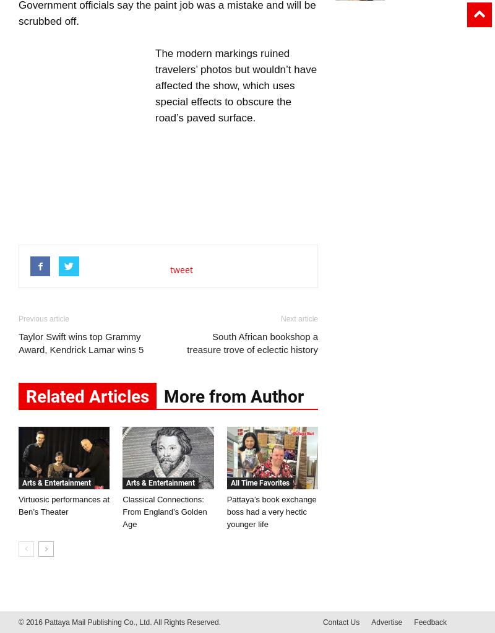 The width and height of the screenshot is (495, 633). What do you see at coordinates (19, 318) in the screenshot?
I see `'Previous article'` at bounding box center [19, 318].